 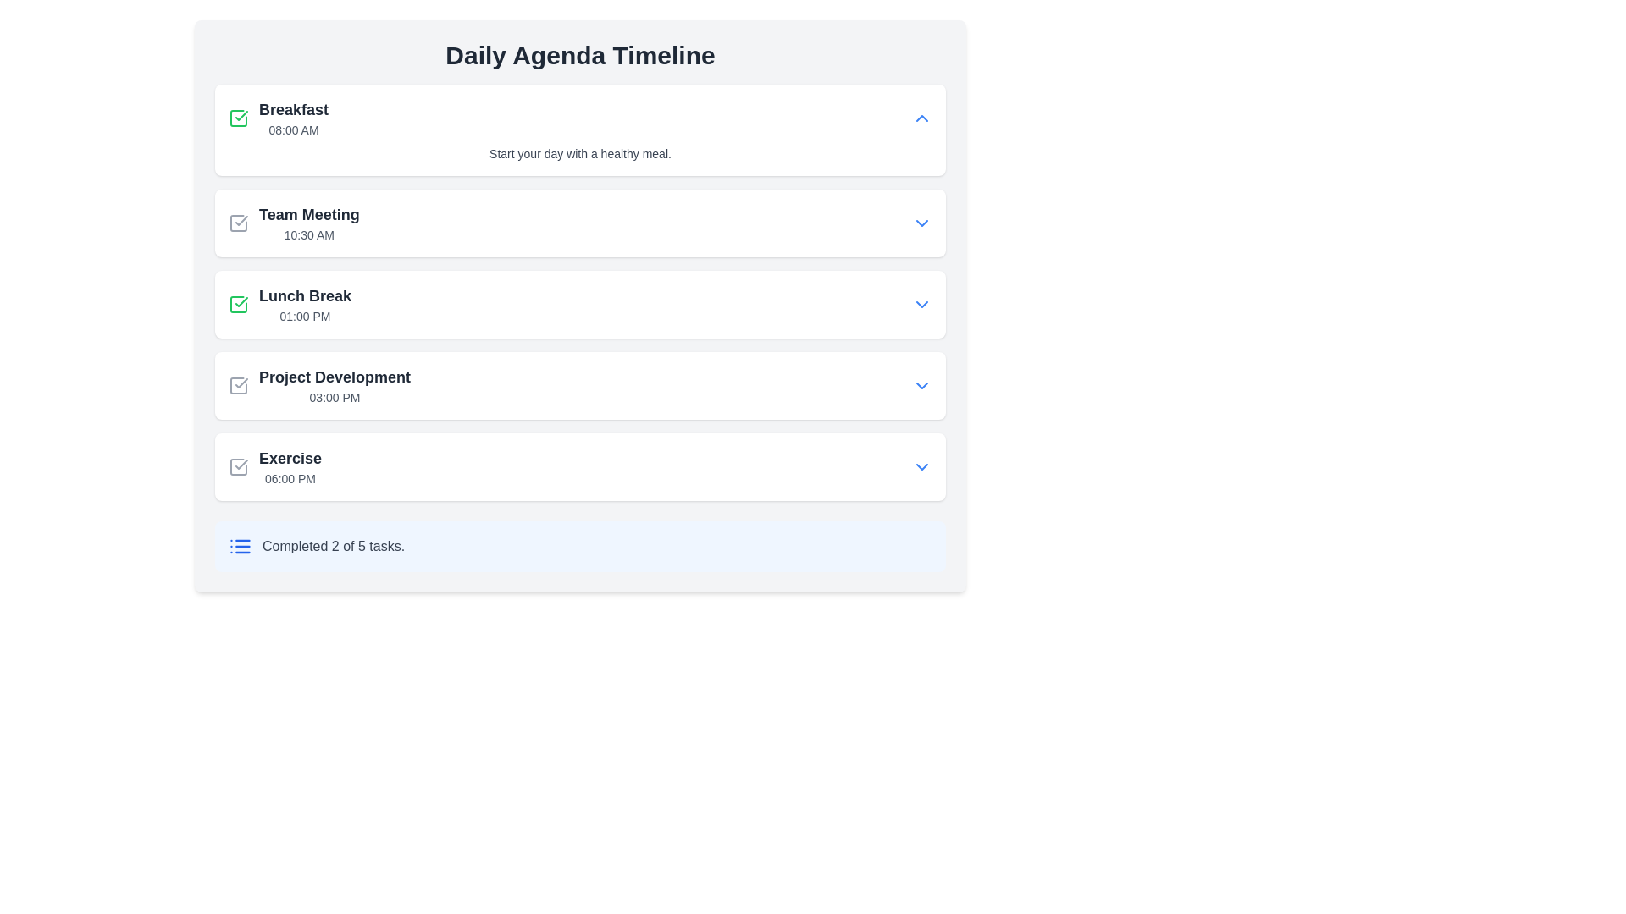 What do you see at coordinates (309, 234) in the screenshot?
I see `the time displayed on the text label showing '10:30 AM' located below the 'Team Meeting' title in the 'Daily Agenda Timeline'` at bounding box center [309, 234].